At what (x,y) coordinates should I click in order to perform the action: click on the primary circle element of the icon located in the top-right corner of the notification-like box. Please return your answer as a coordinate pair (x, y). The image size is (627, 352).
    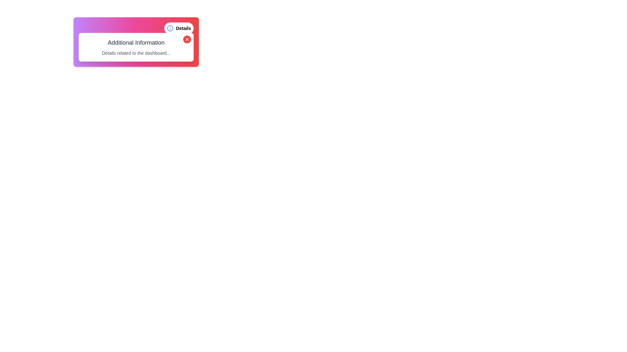
    Looking at the image, I should click on (170, 28).